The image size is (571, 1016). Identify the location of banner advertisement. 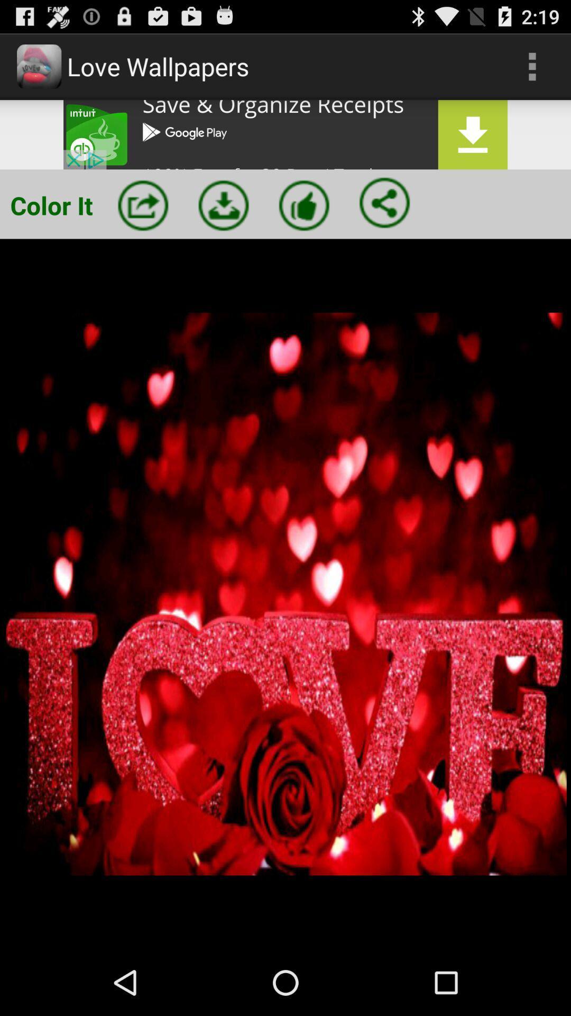
(285, 134).